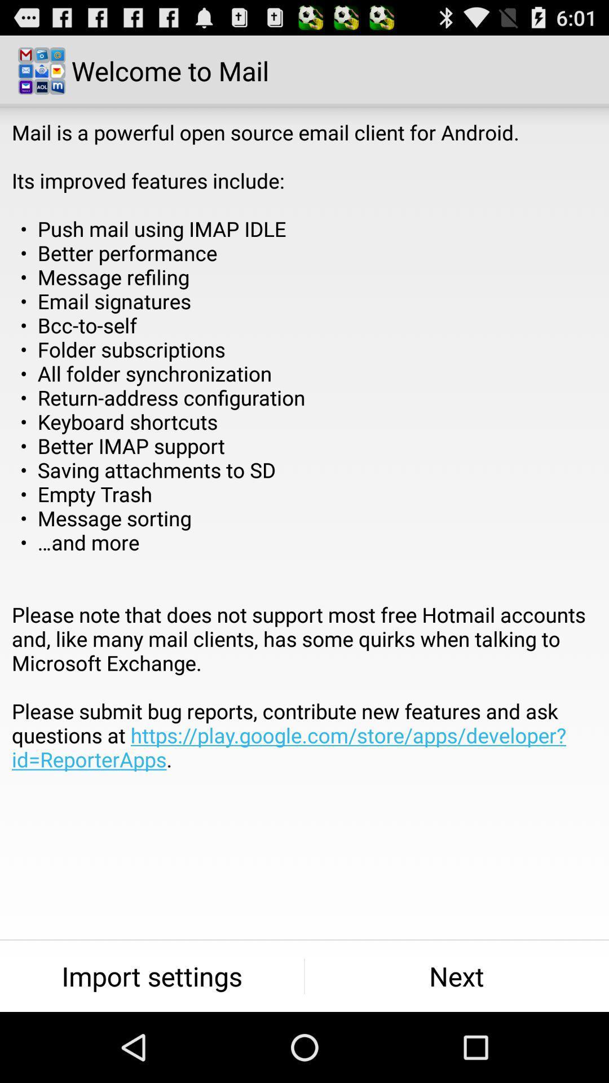  Describe the element at coordinates (304, 470) in the screenshot. I see `the mail is a item` at that location.